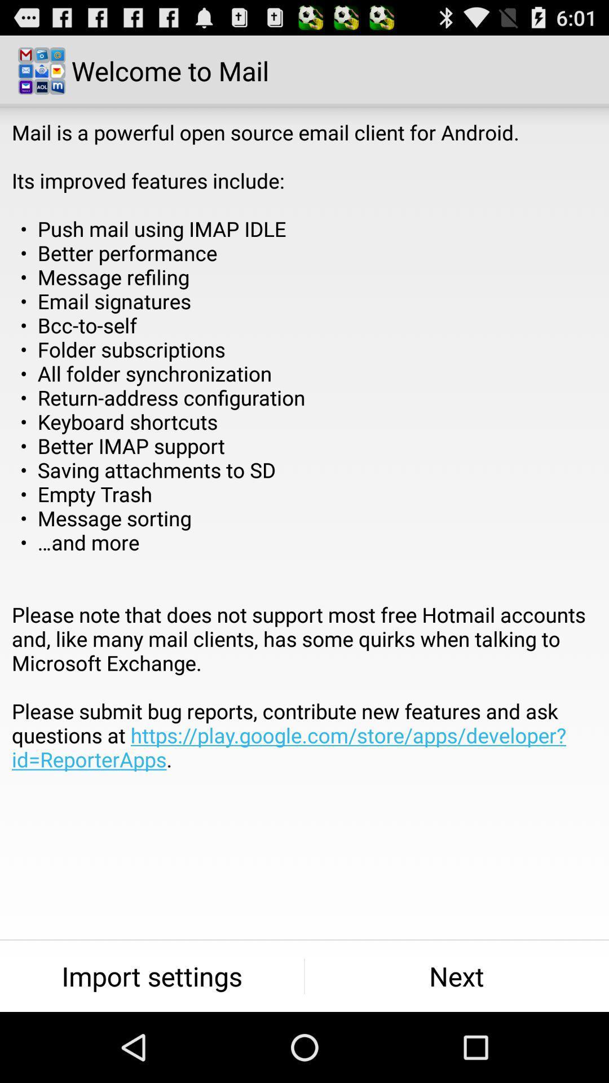  Describe the element at coordinates (304, 470) in the screenshot. I see `the mail is a item` at that location.